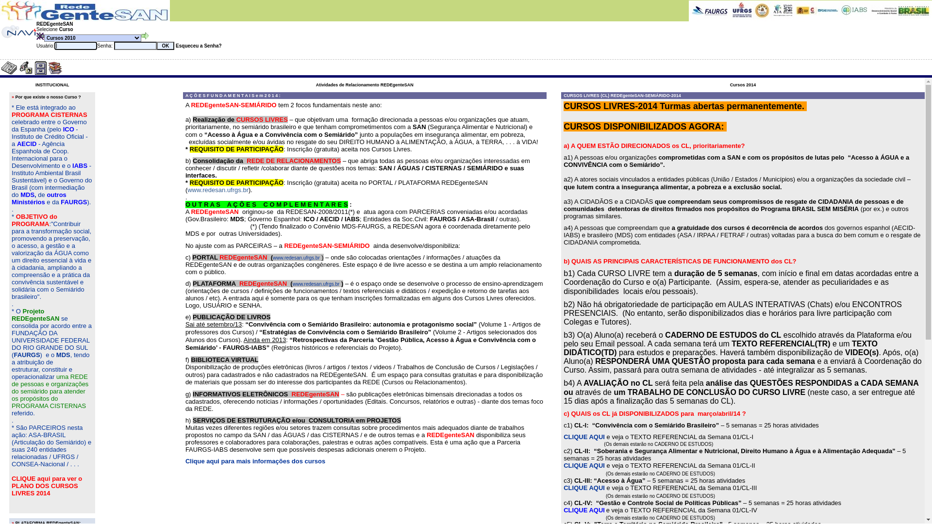 This screenshot has width=932, height=524. I want to click on 'Esqueceu a Senha?', so click(174, 46).